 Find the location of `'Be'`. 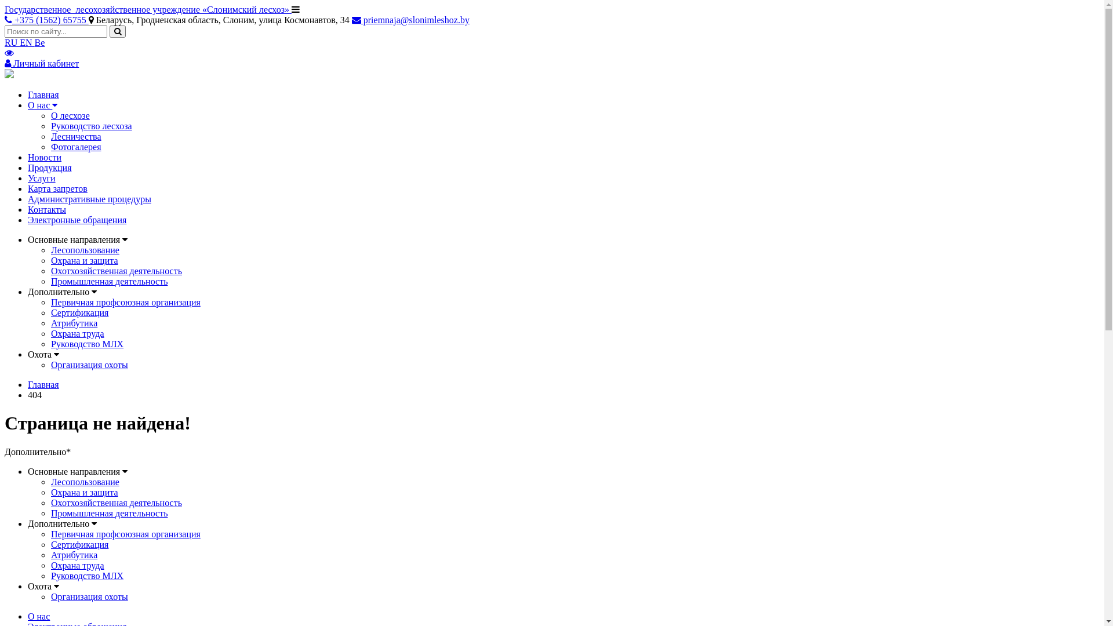

'Be' is located at coordinates (39, 42).